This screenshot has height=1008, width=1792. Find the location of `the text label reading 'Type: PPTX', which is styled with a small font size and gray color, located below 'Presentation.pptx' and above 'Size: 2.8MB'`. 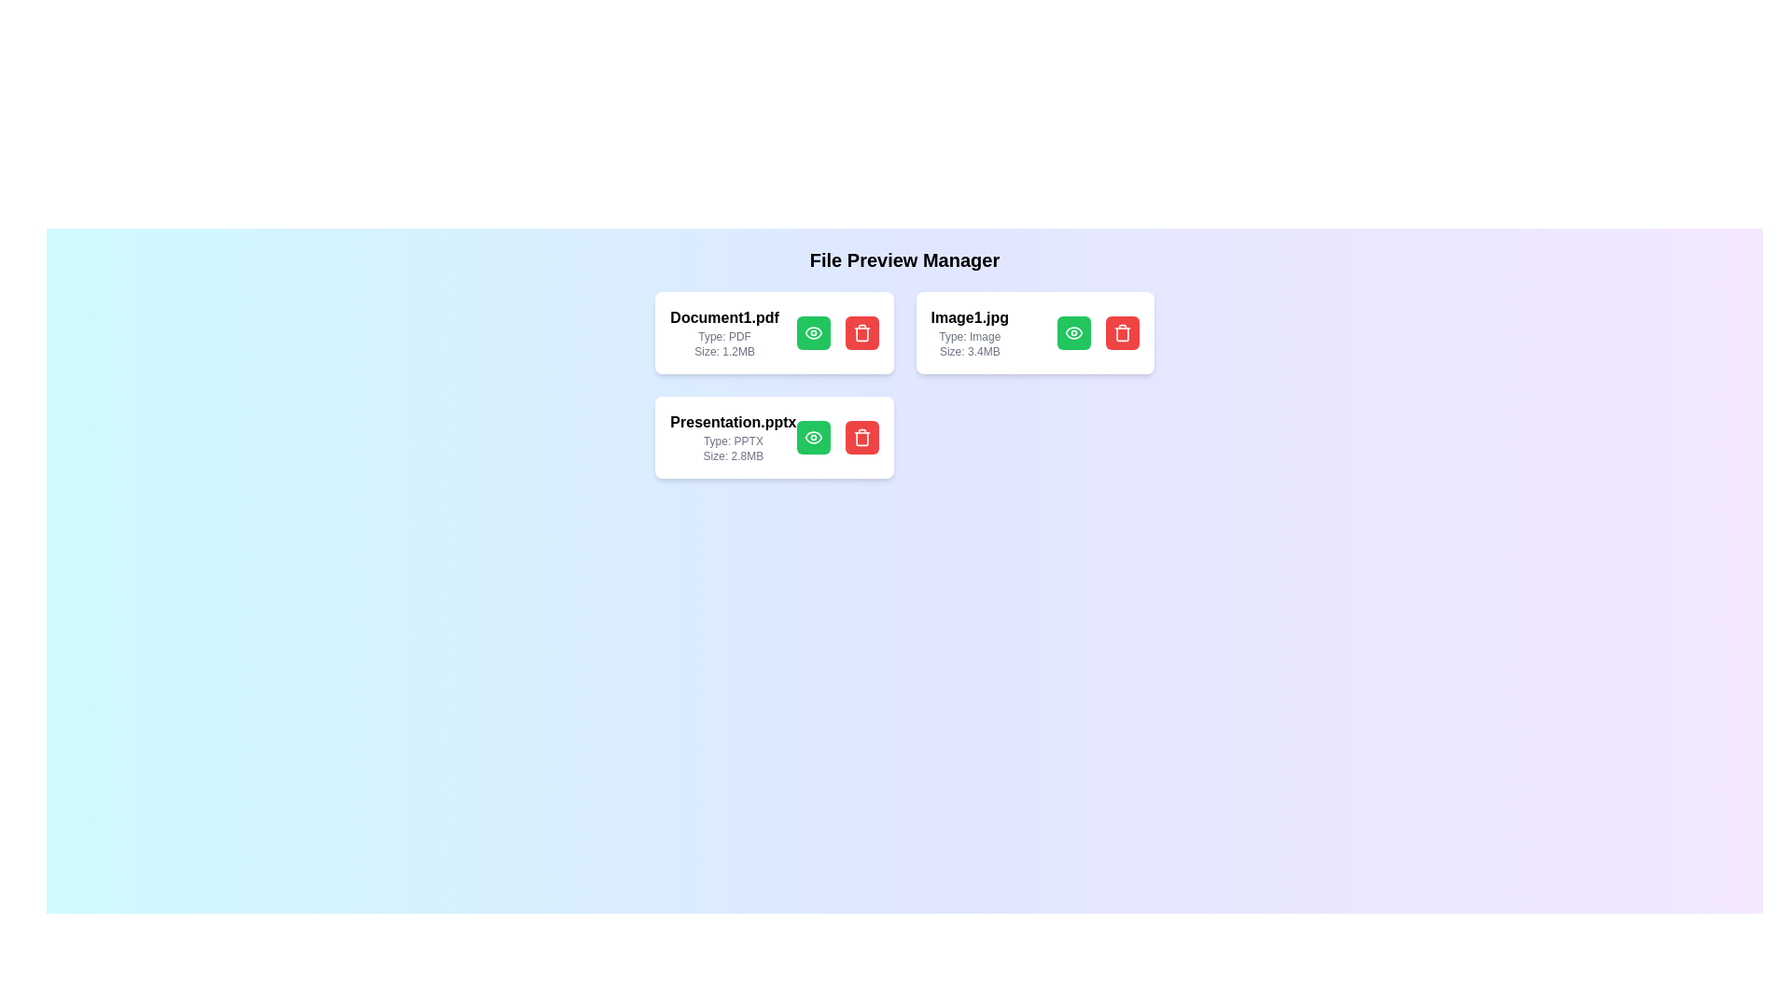

the text label reading 'Type: PPTX', which is styled with a small font size and gray color, located below 'Presentation.pptx' and above 'Size: 2.8MB' is located at coordinates (732, 441).